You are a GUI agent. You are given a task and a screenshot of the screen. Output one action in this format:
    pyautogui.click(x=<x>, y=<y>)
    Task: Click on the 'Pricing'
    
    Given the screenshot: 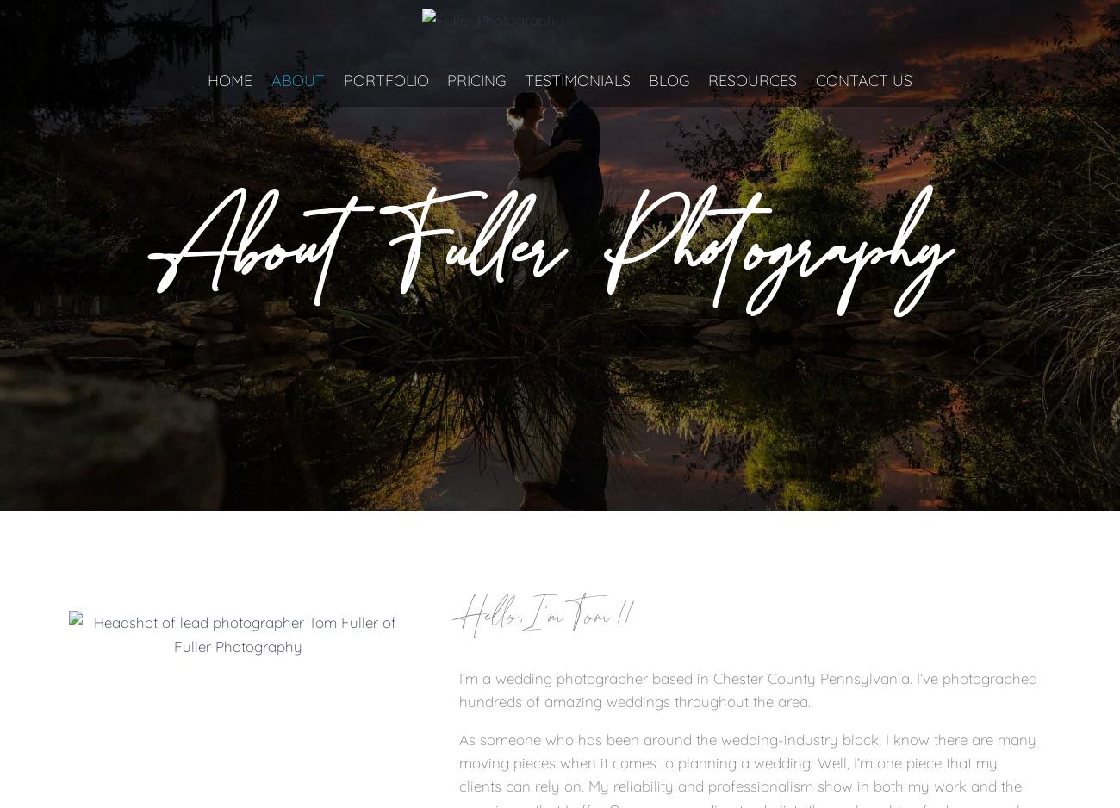 What is the action you would take?
    pyautogui.click(x=476, y=80)
    